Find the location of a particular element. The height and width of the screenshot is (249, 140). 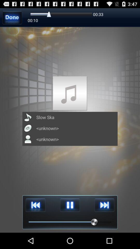

go back is located at coordinates (35, 205).